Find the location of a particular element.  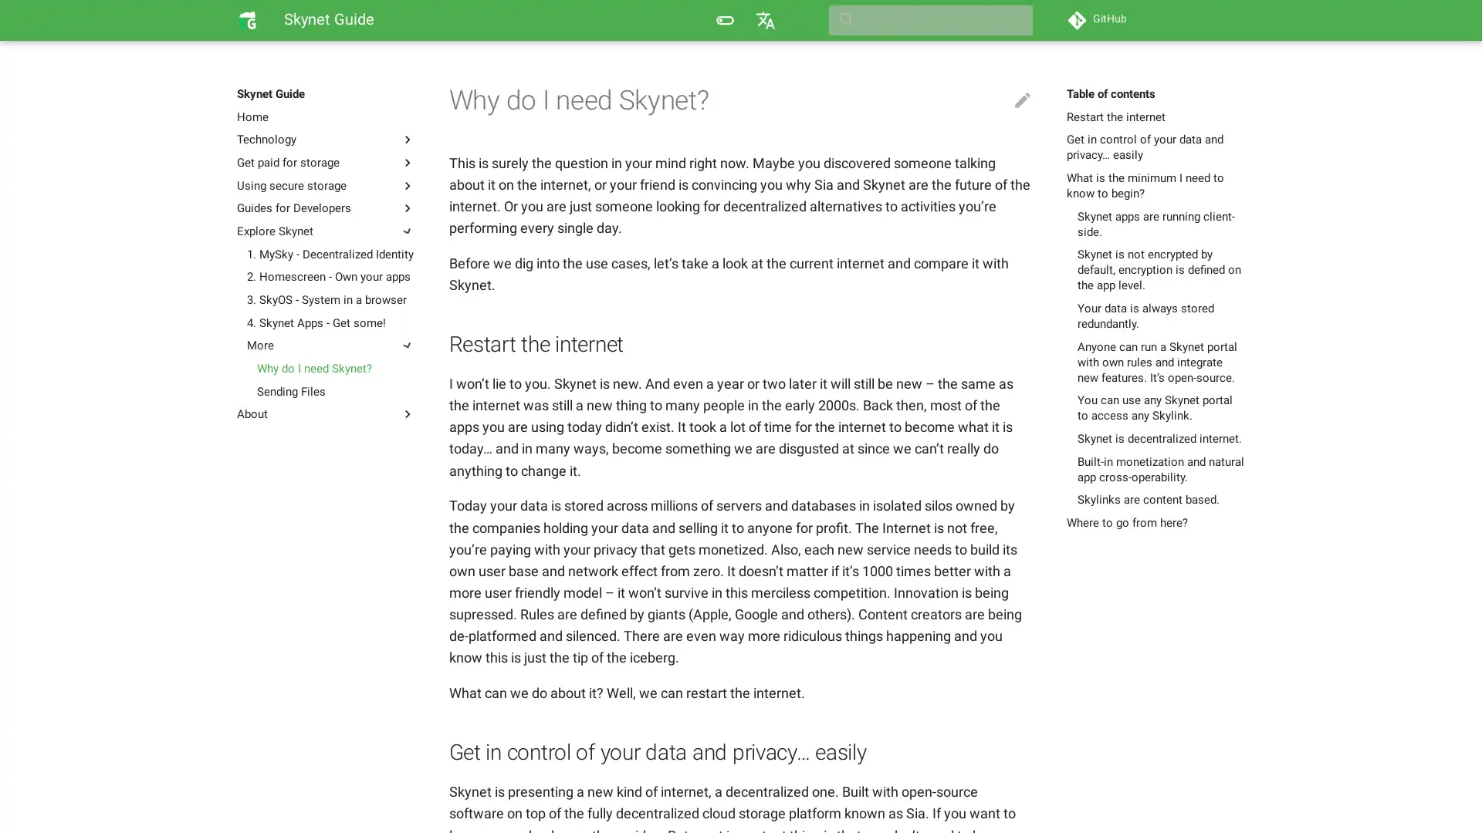

Clear is located at coordinates (1014, 20).